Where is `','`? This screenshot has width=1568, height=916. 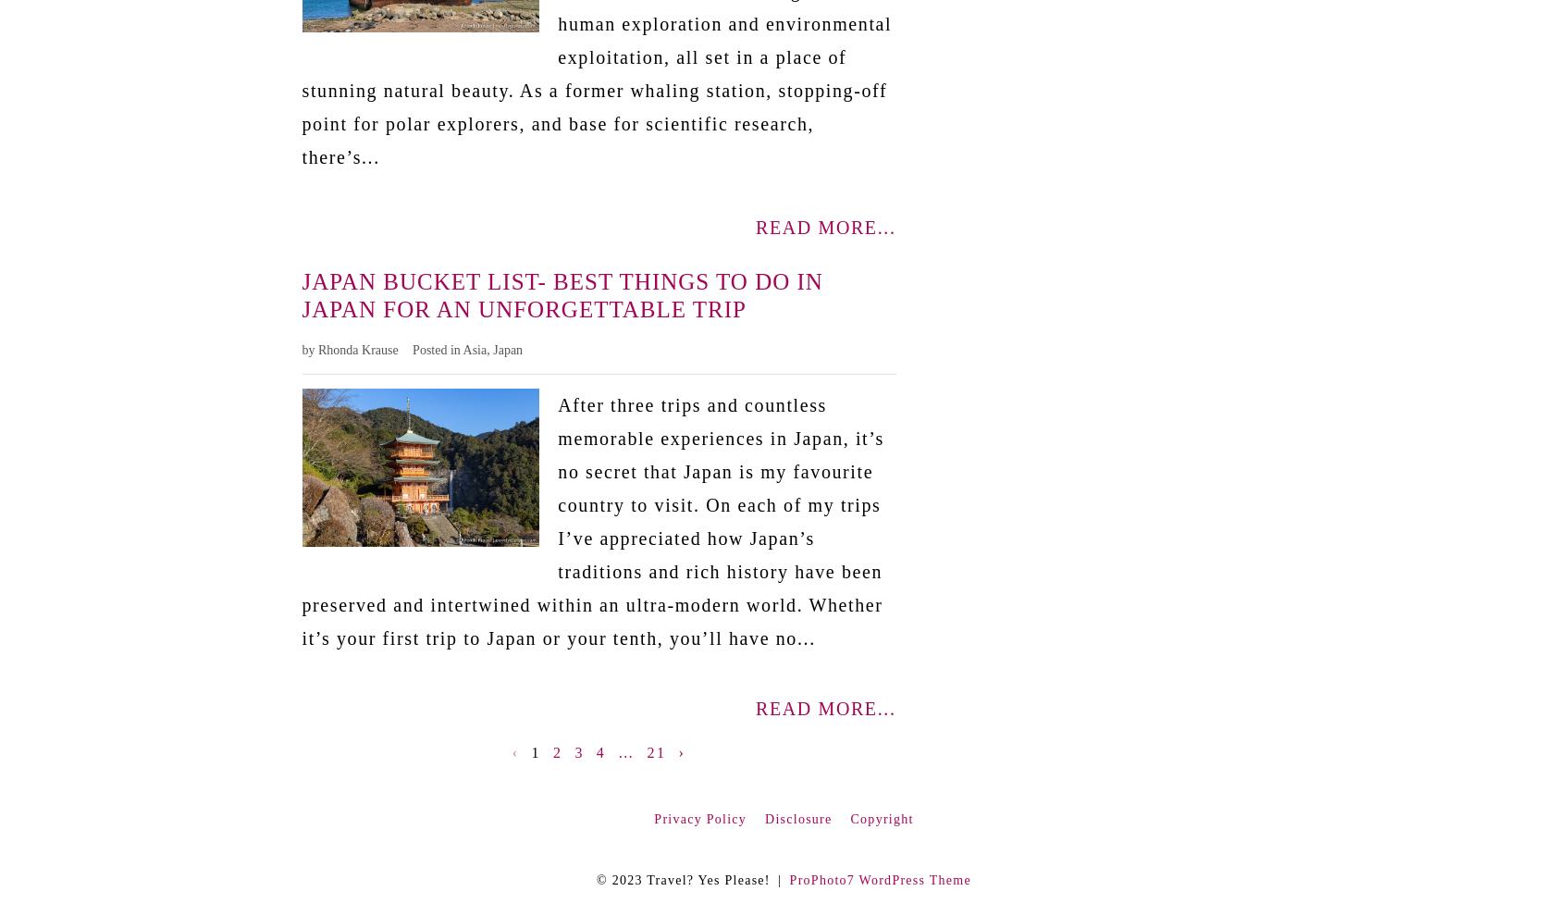
',' is located at coordinates (489, 349).